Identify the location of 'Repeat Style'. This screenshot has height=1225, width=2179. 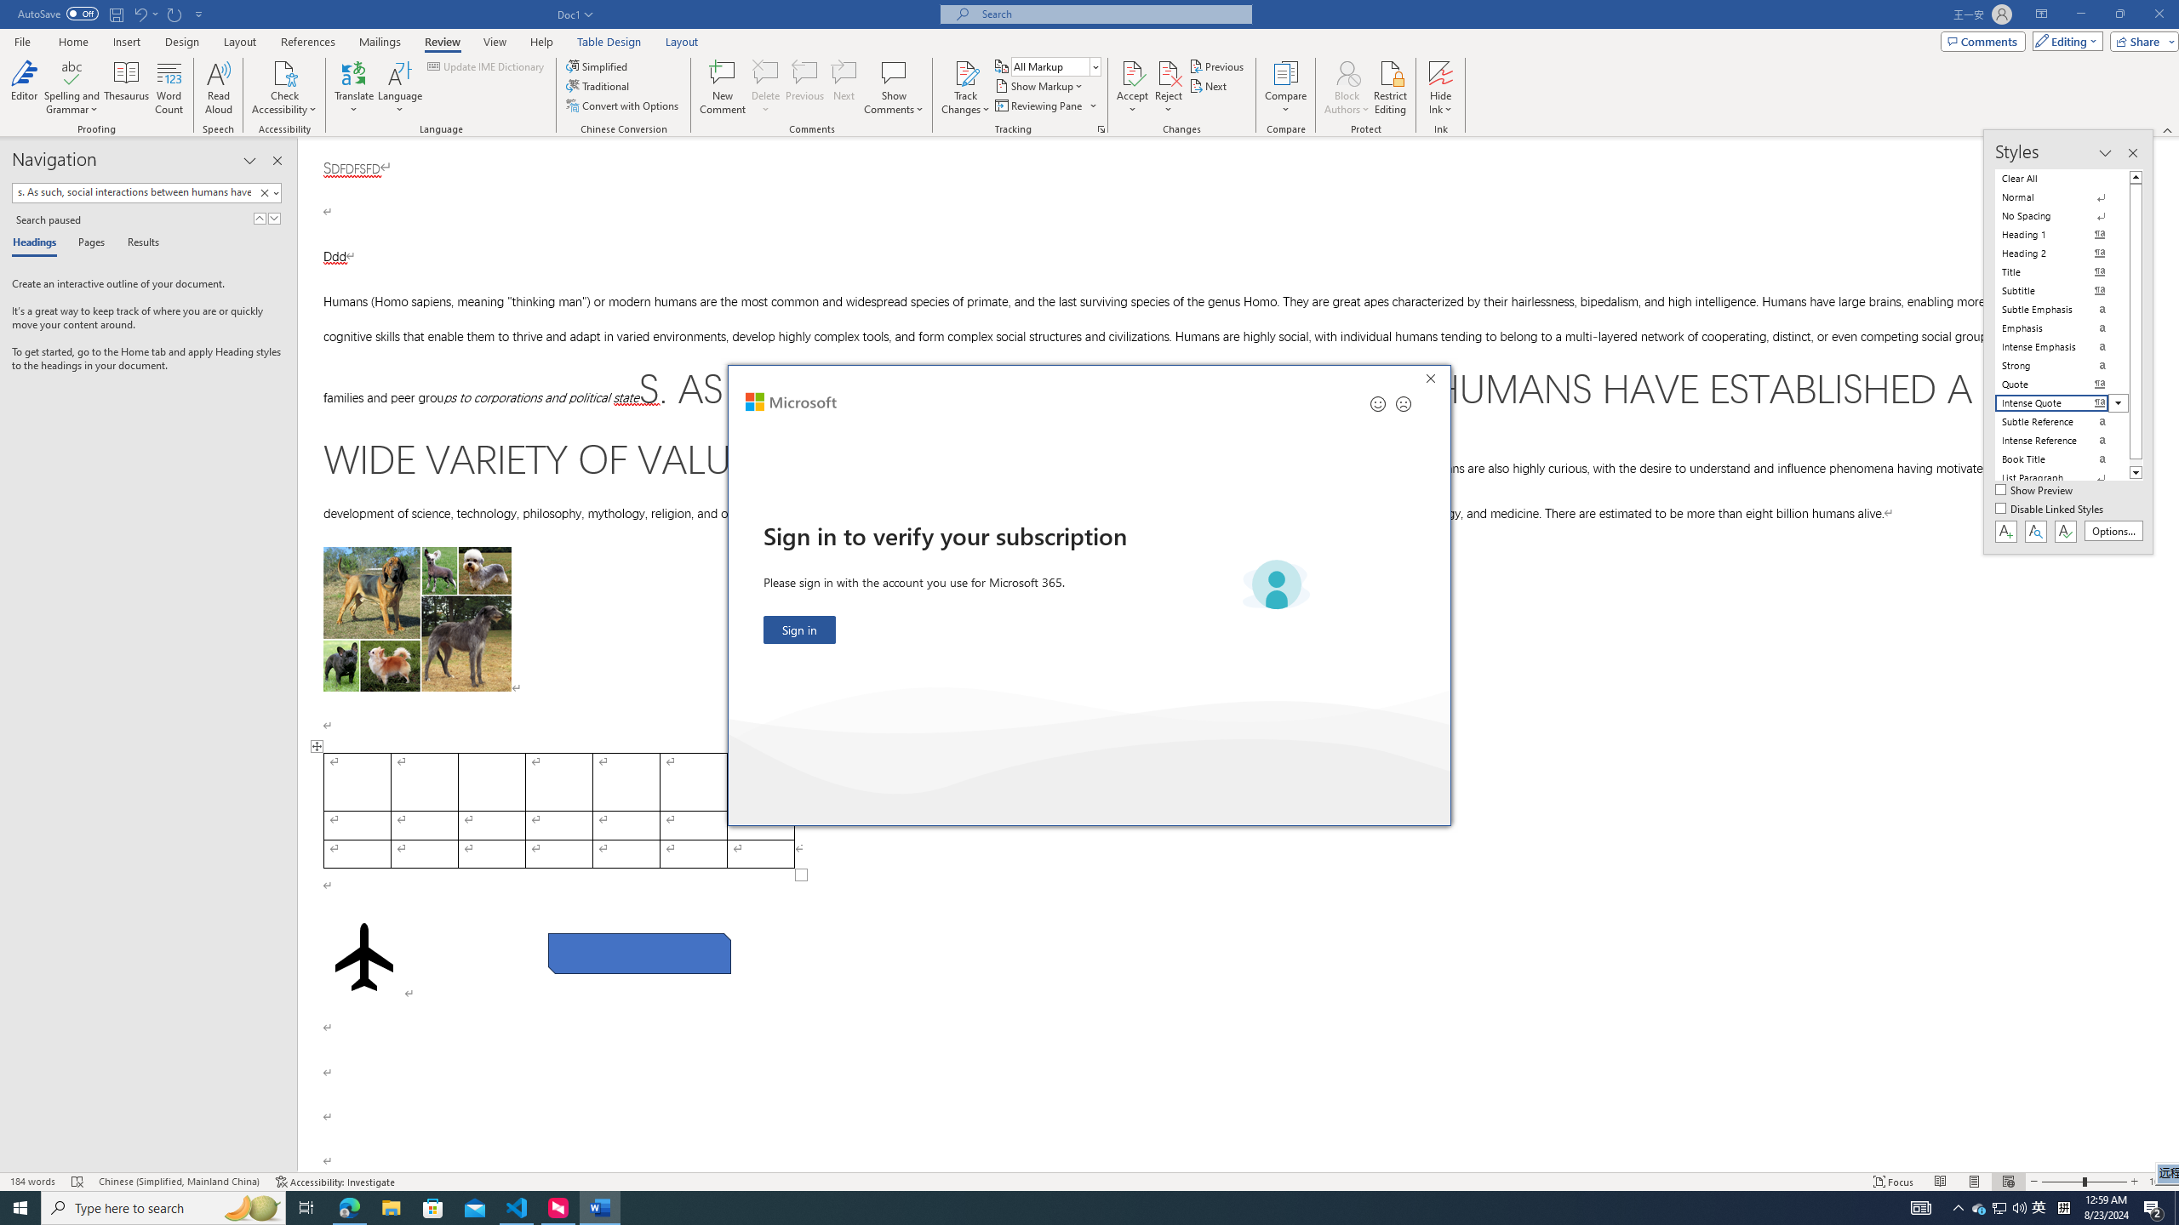
(174, 13).